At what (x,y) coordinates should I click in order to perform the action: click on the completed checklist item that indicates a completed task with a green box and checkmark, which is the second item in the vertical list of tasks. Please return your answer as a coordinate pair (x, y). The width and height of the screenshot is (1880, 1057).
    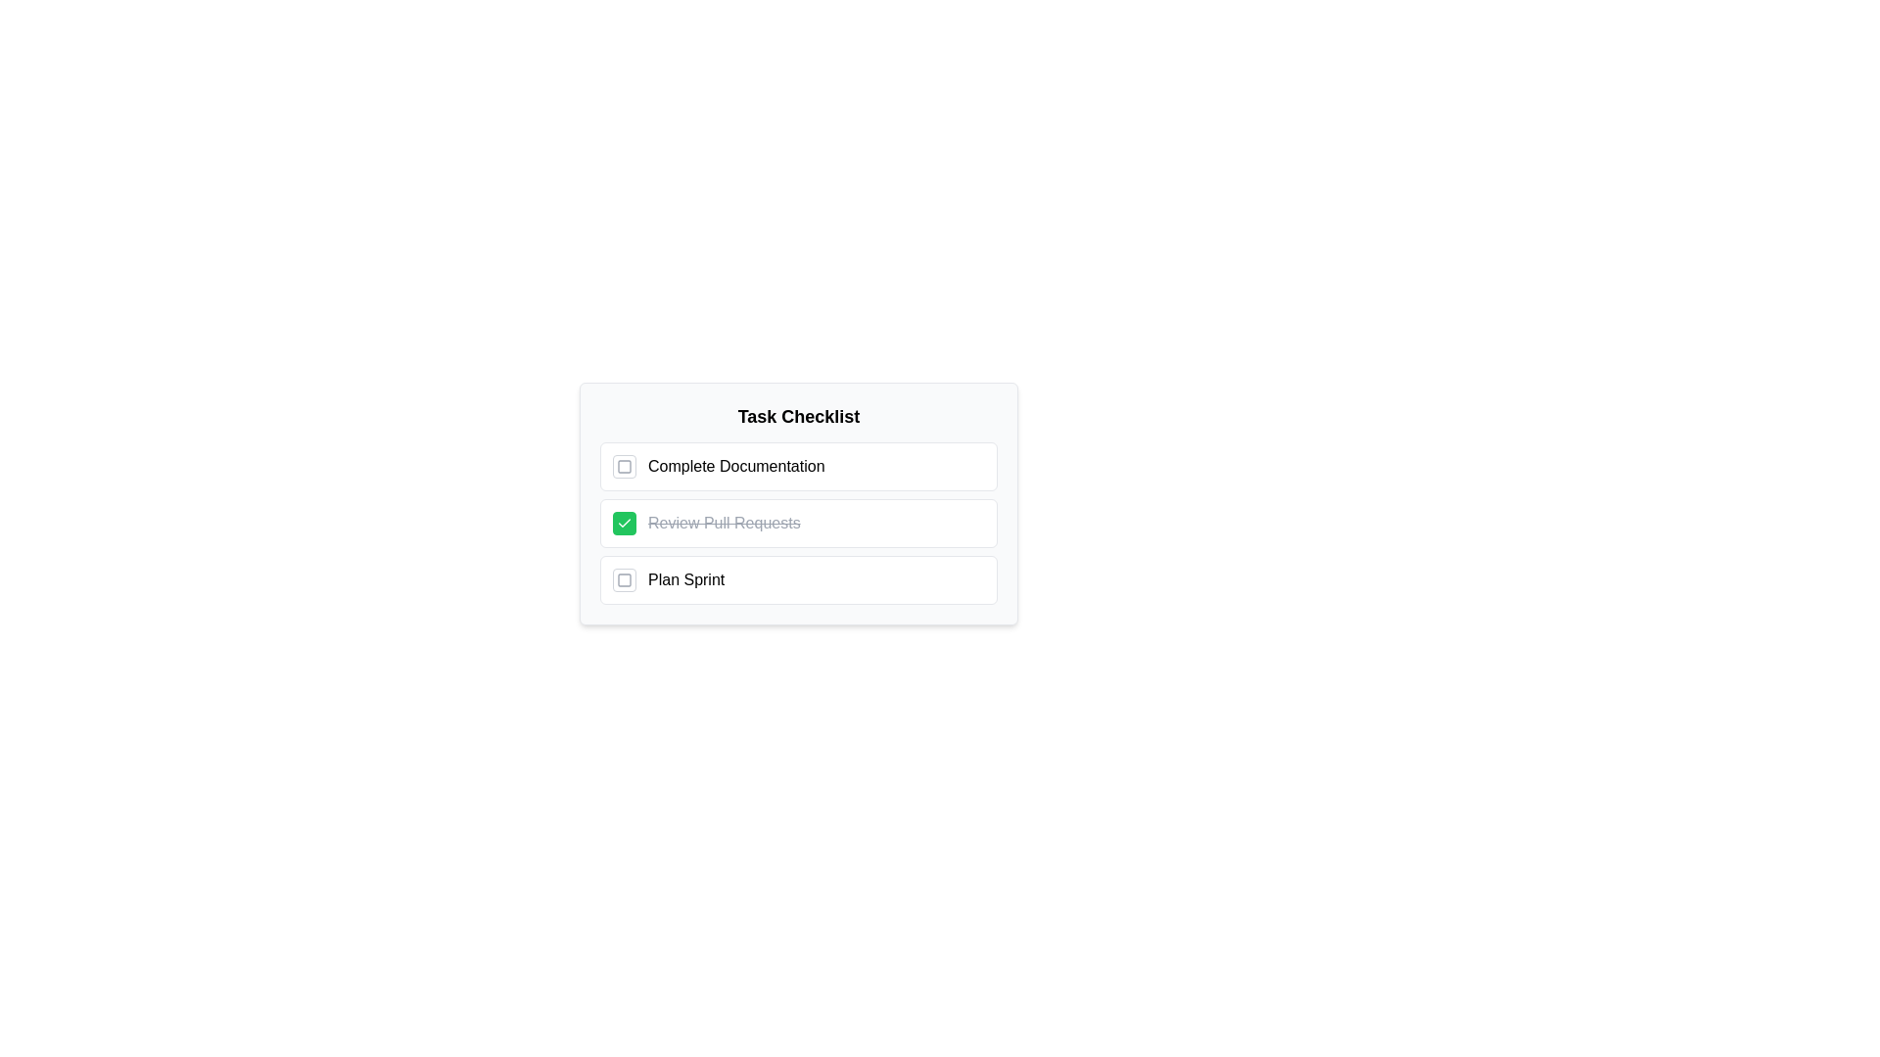
    Looking at the image, I should click on (799, 523).